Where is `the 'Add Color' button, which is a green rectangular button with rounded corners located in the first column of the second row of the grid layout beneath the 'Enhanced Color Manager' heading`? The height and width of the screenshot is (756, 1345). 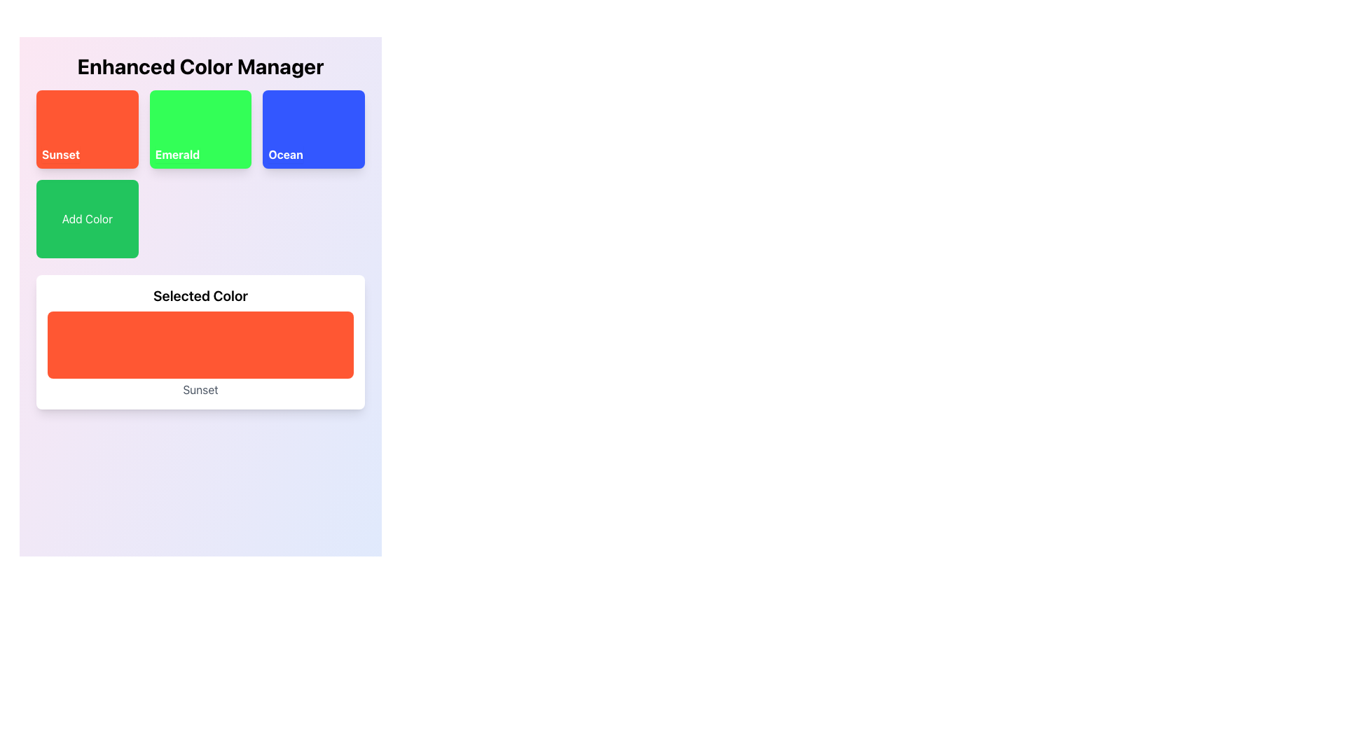
the 'Add Color' button, which is a green rectangular button with rounded corners located in the first column of the second row of the grid layout beneath the 'Enhanced Color Manager' heading is located at coordinates (86, 218).